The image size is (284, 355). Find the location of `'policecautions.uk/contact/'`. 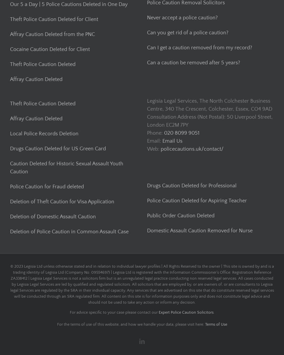

'policecautions.uk/contact/' is located at coordinates (192, 148).